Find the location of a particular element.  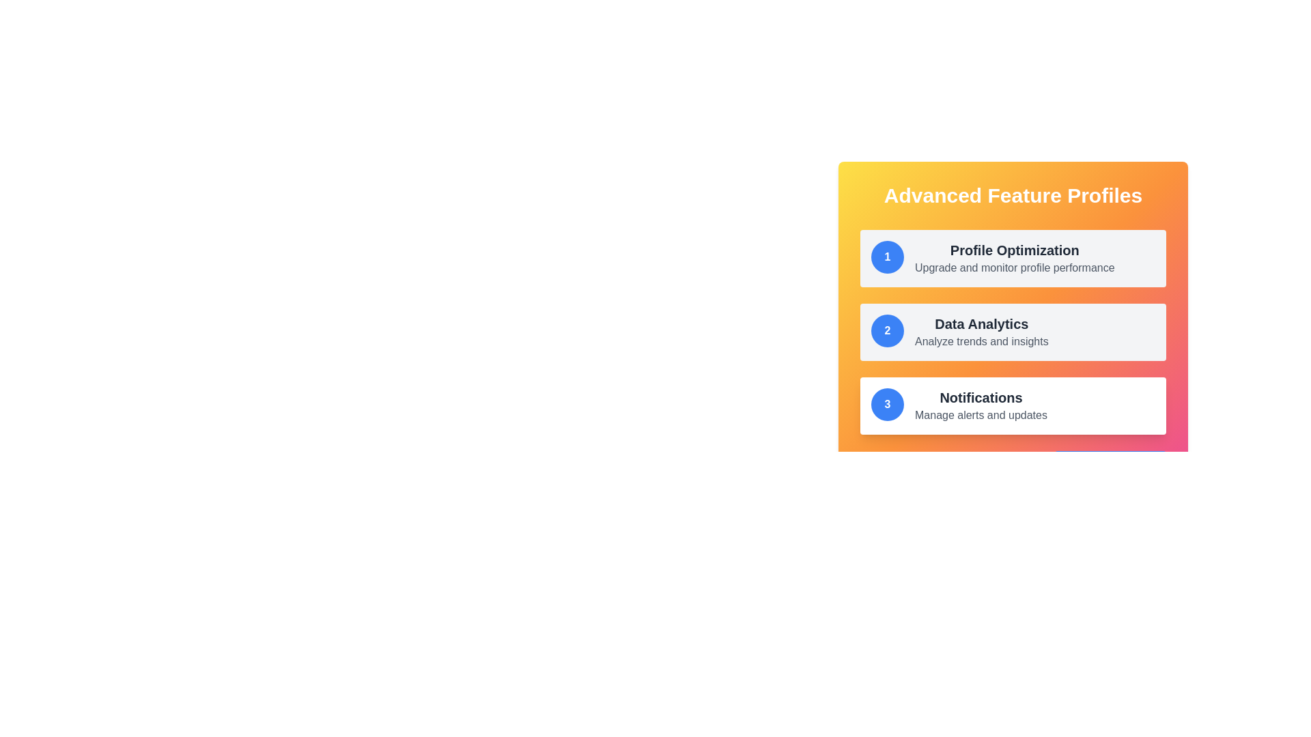

the title text displaying 'Notifications' in bold, larger dark gray font at the bottom-most card in the 'Advanced Feature Profiles' section is located at coordinates (980, 397).